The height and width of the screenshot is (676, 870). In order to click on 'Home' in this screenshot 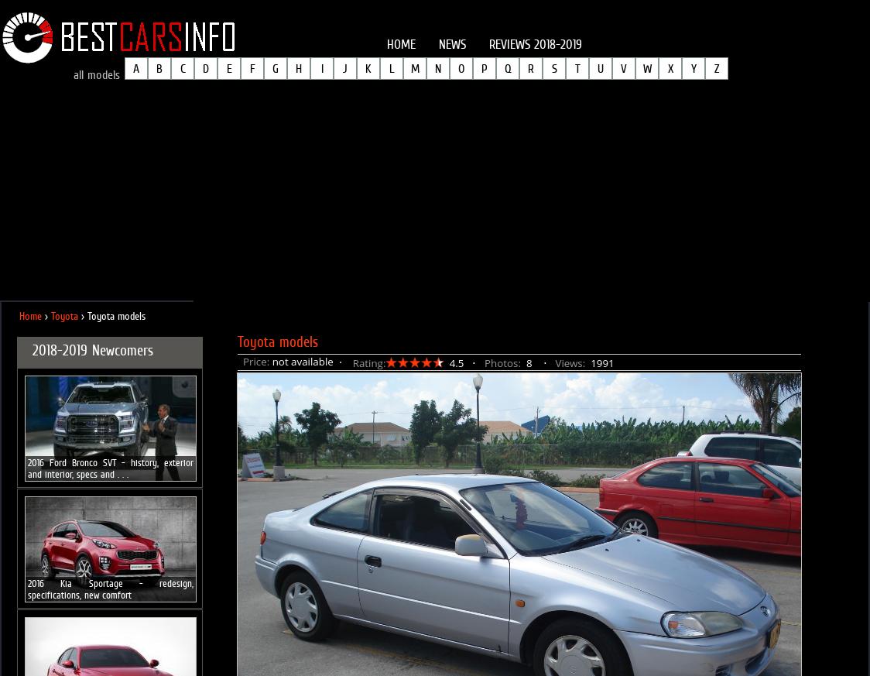, I will do `click(29, 315)`.